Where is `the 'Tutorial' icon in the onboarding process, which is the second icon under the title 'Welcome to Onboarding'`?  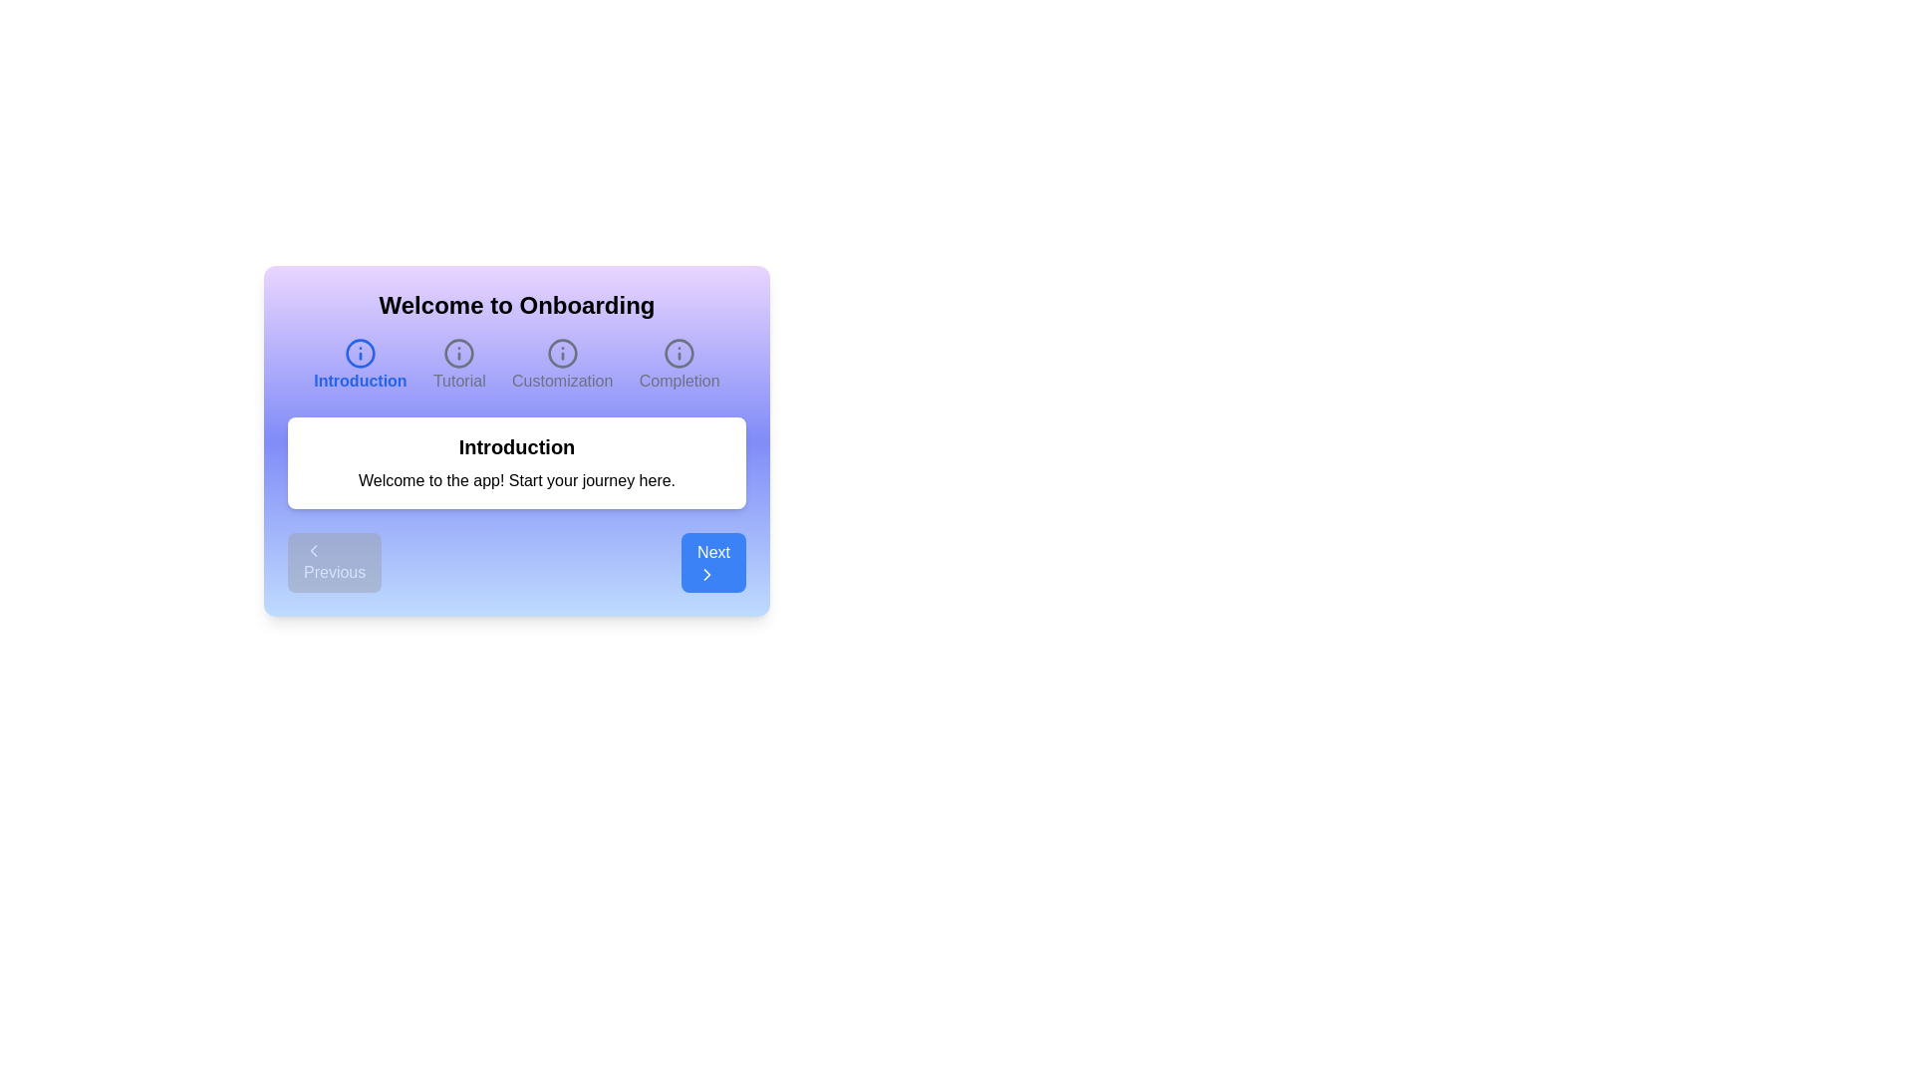 the 'Tutorial' icon in the onboarding process, which is the second icon under the title 'Welcome to Onboarding' is located at coordinates (458, 352).